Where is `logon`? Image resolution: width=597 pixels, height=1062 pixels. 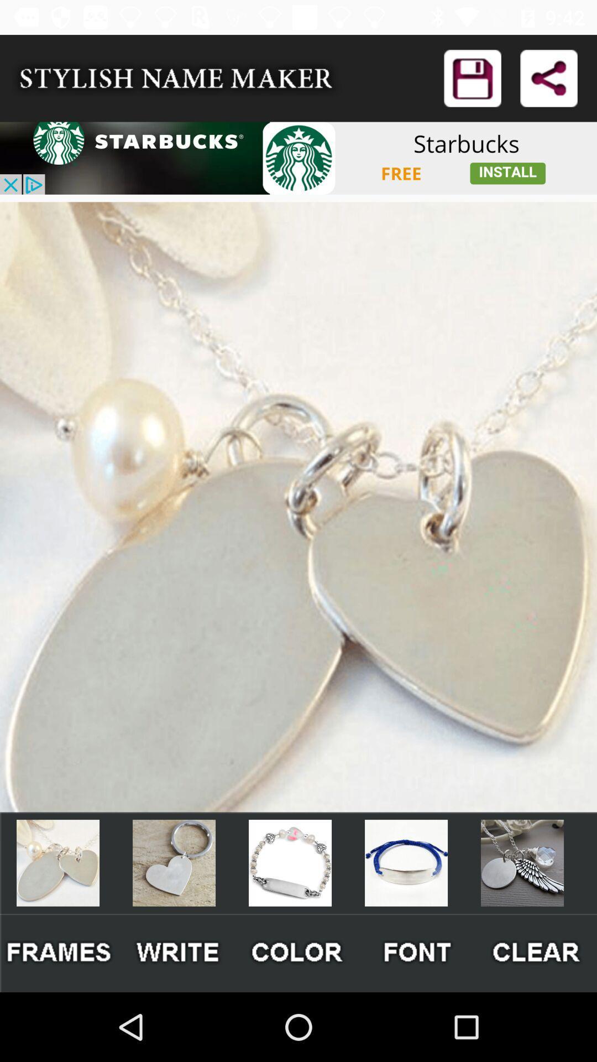
logon is located at coordinates (473, 77).